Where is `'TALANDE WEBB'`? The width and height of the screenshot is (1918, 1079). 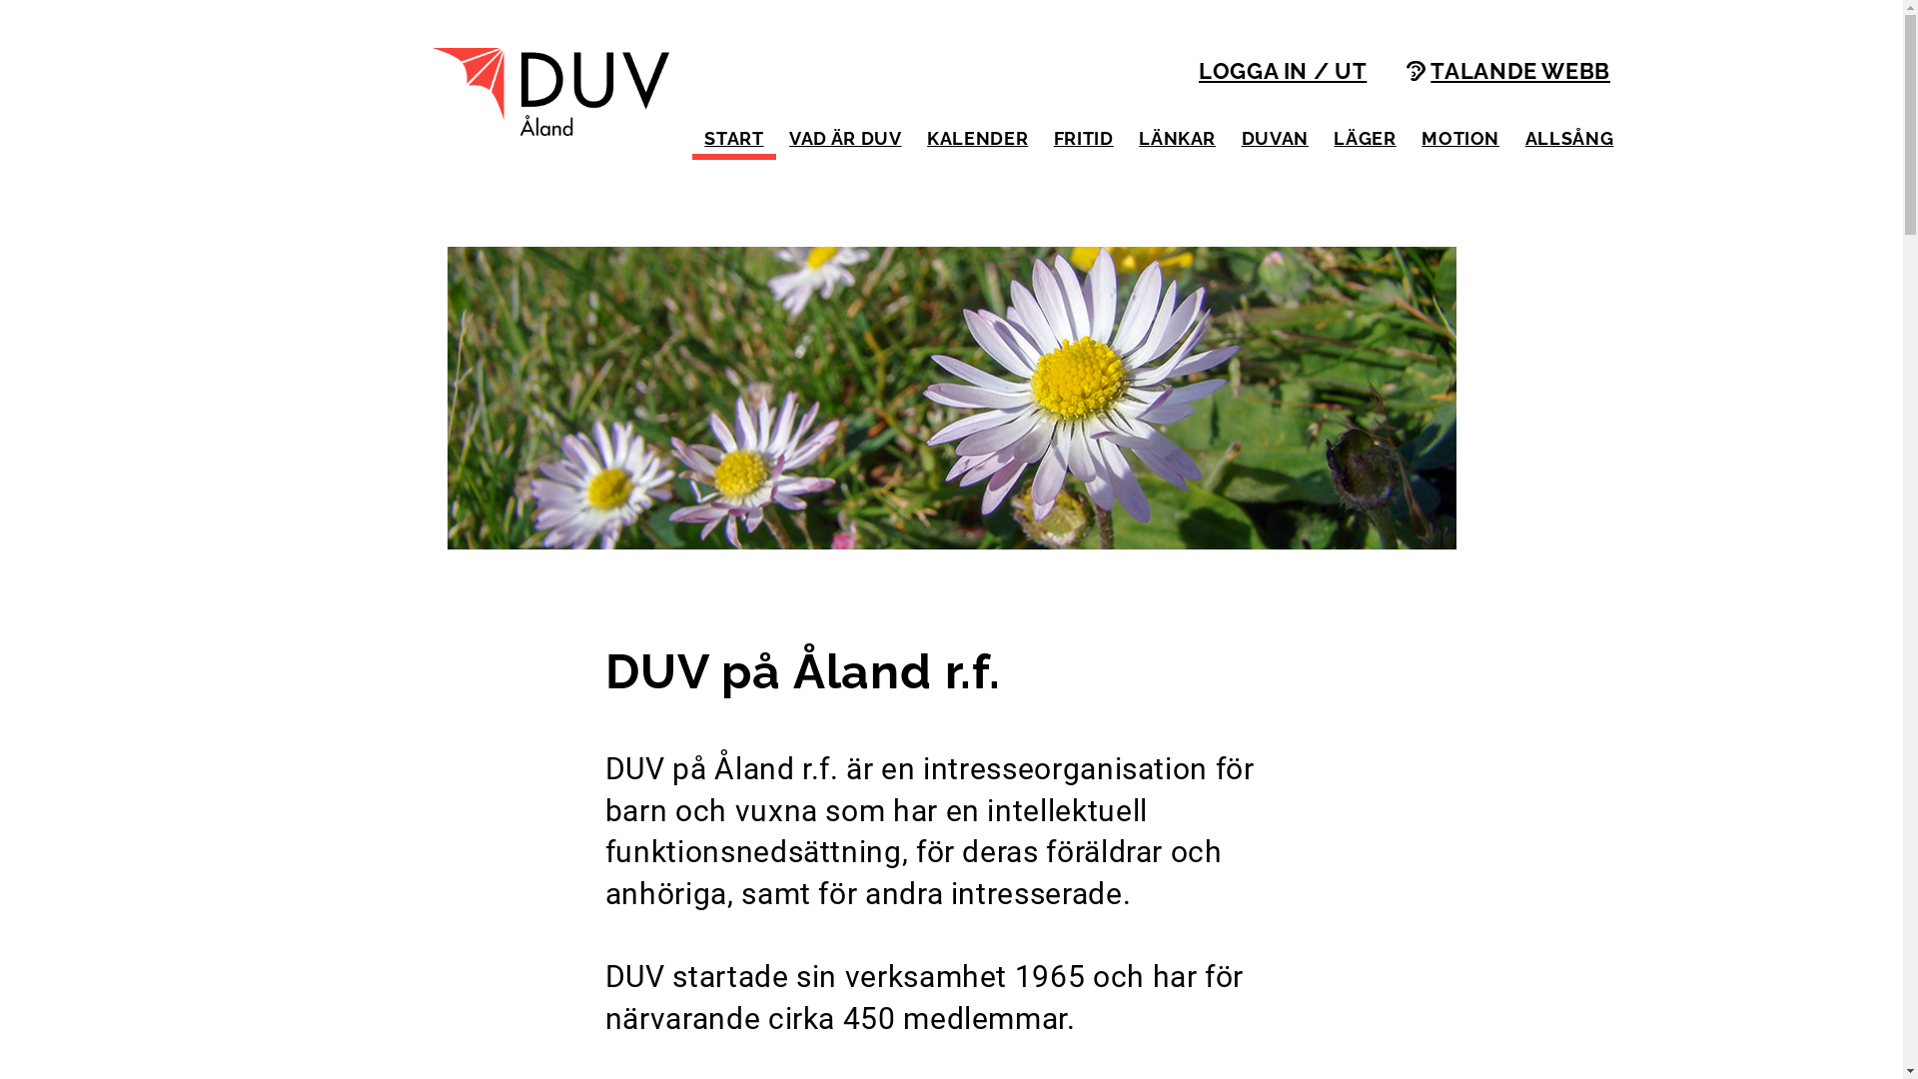 'TALANDE WEBB' is located at coordinates (1405, 73).